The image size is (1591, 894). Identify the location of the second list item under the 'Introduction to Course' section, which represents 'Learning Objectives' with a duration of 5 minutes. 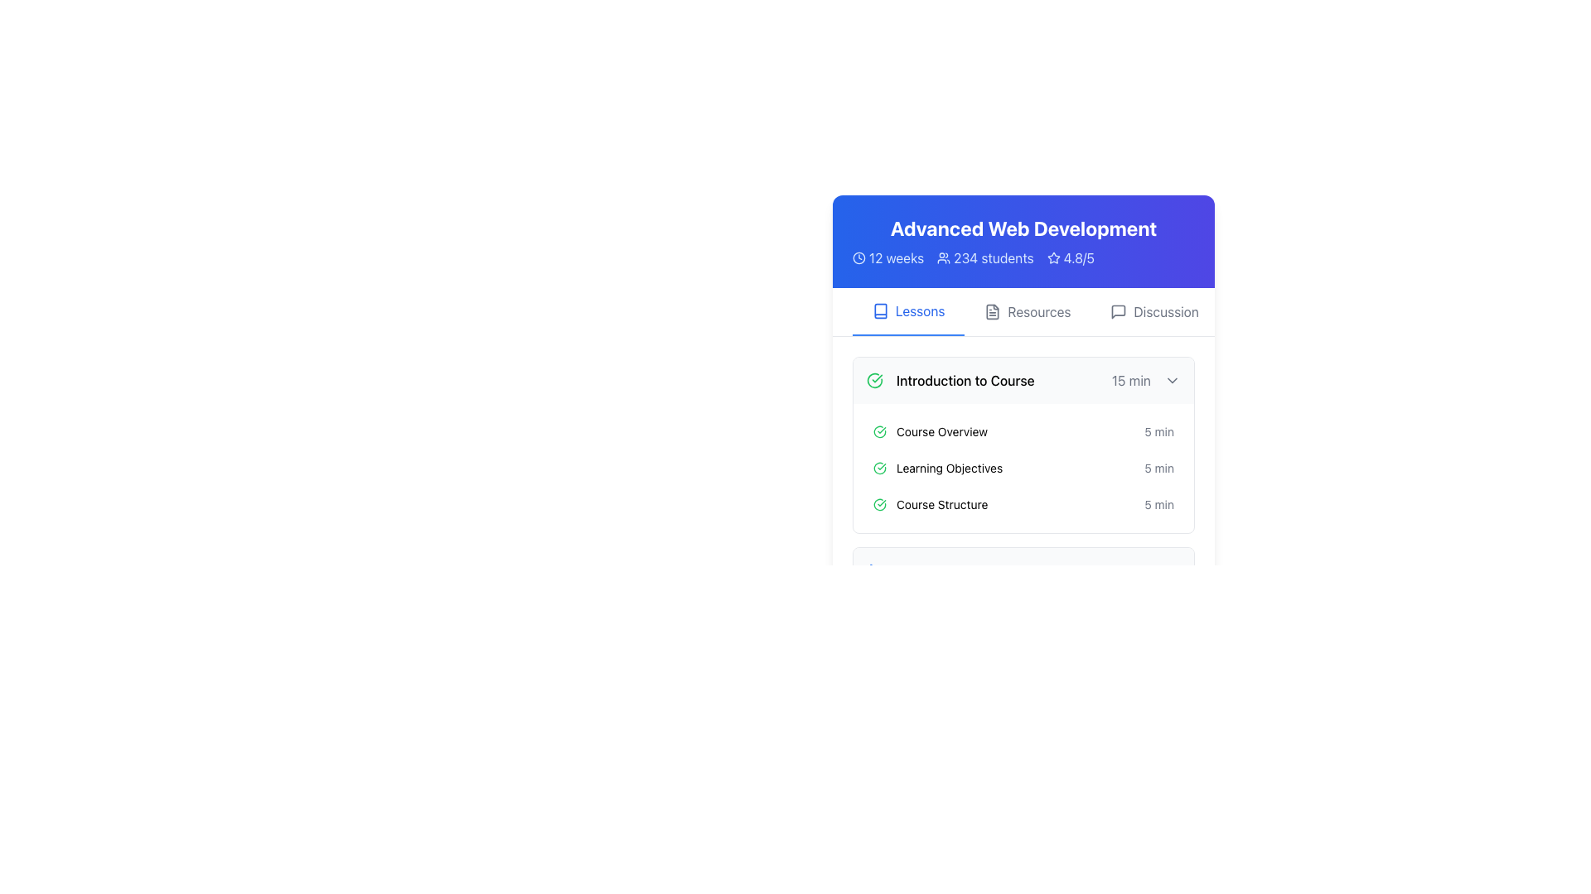
(1023, 475).